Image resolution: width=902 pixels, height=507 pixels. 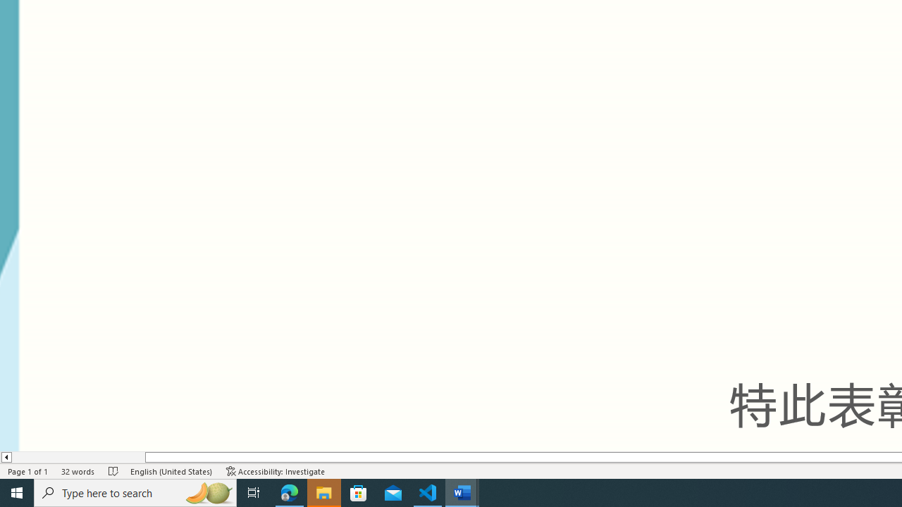 I want to click on 'Accessibility Checker Accessibility: Investigate', so click(x=276, y=471).